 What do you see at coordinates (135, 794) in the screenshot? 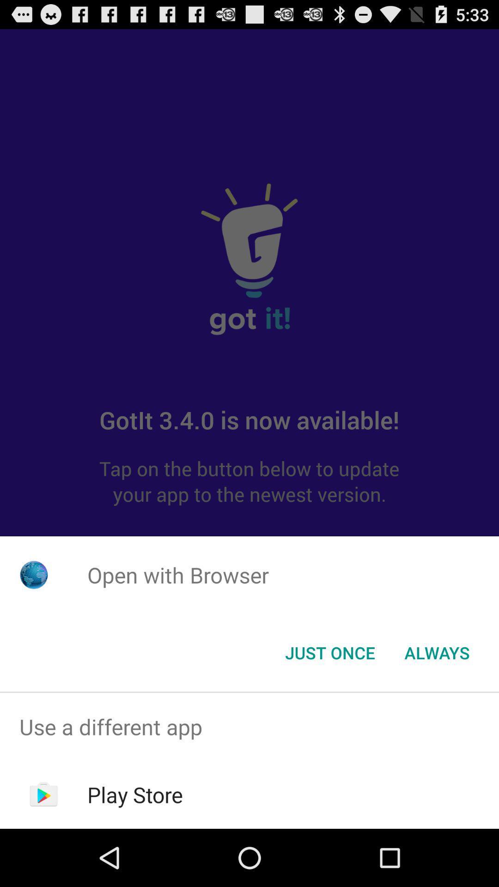
I see `the icon below the use a different item` at bounding box center [135, 794].